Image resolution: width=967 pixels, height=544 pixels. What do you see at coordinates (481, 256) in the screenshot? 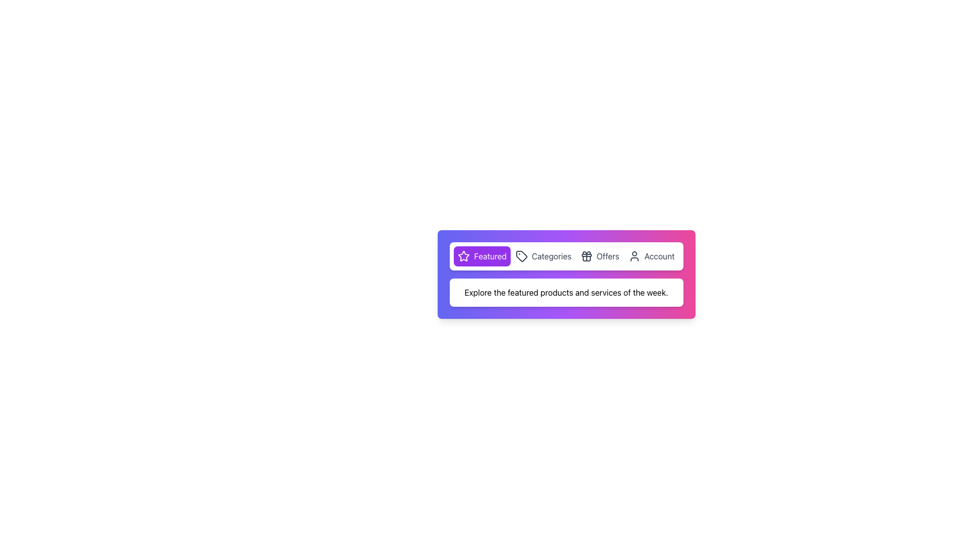
I see `the 'Featured' button, which has a purple background and white text` at bounding box center [481, 256].